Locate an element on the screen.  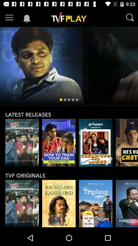
the play icon is located at coordinates (126, 142).